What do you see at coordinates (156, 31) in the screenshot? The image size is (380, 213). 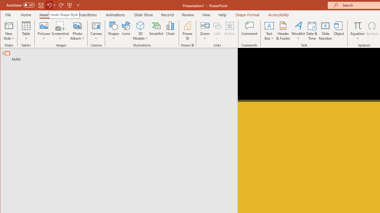 I see `'SmartArt...'` at bounding box center [156, 31].